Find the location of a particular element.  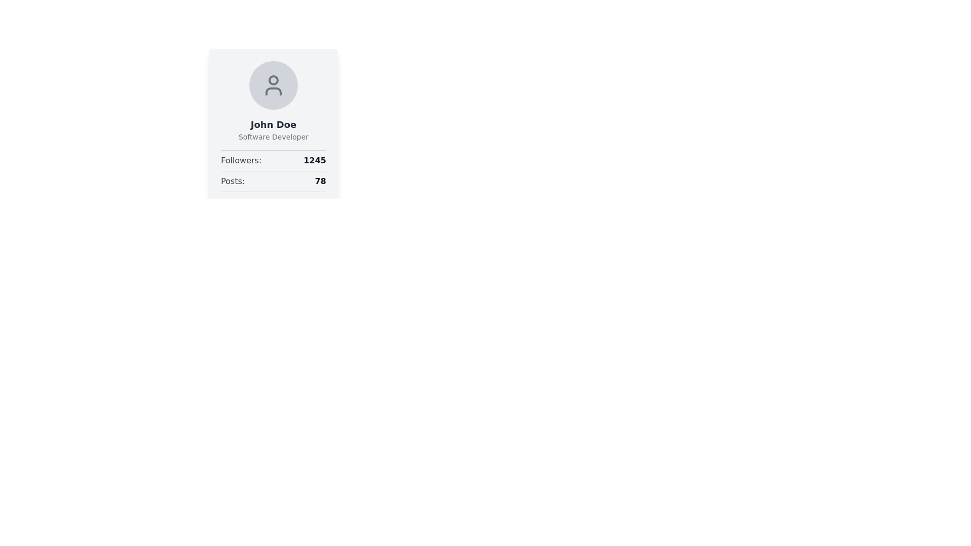

the Profile summary block displaying the name 'John Doe' and the subtitle 'Software Developer' is located at coordinates (274, 101).